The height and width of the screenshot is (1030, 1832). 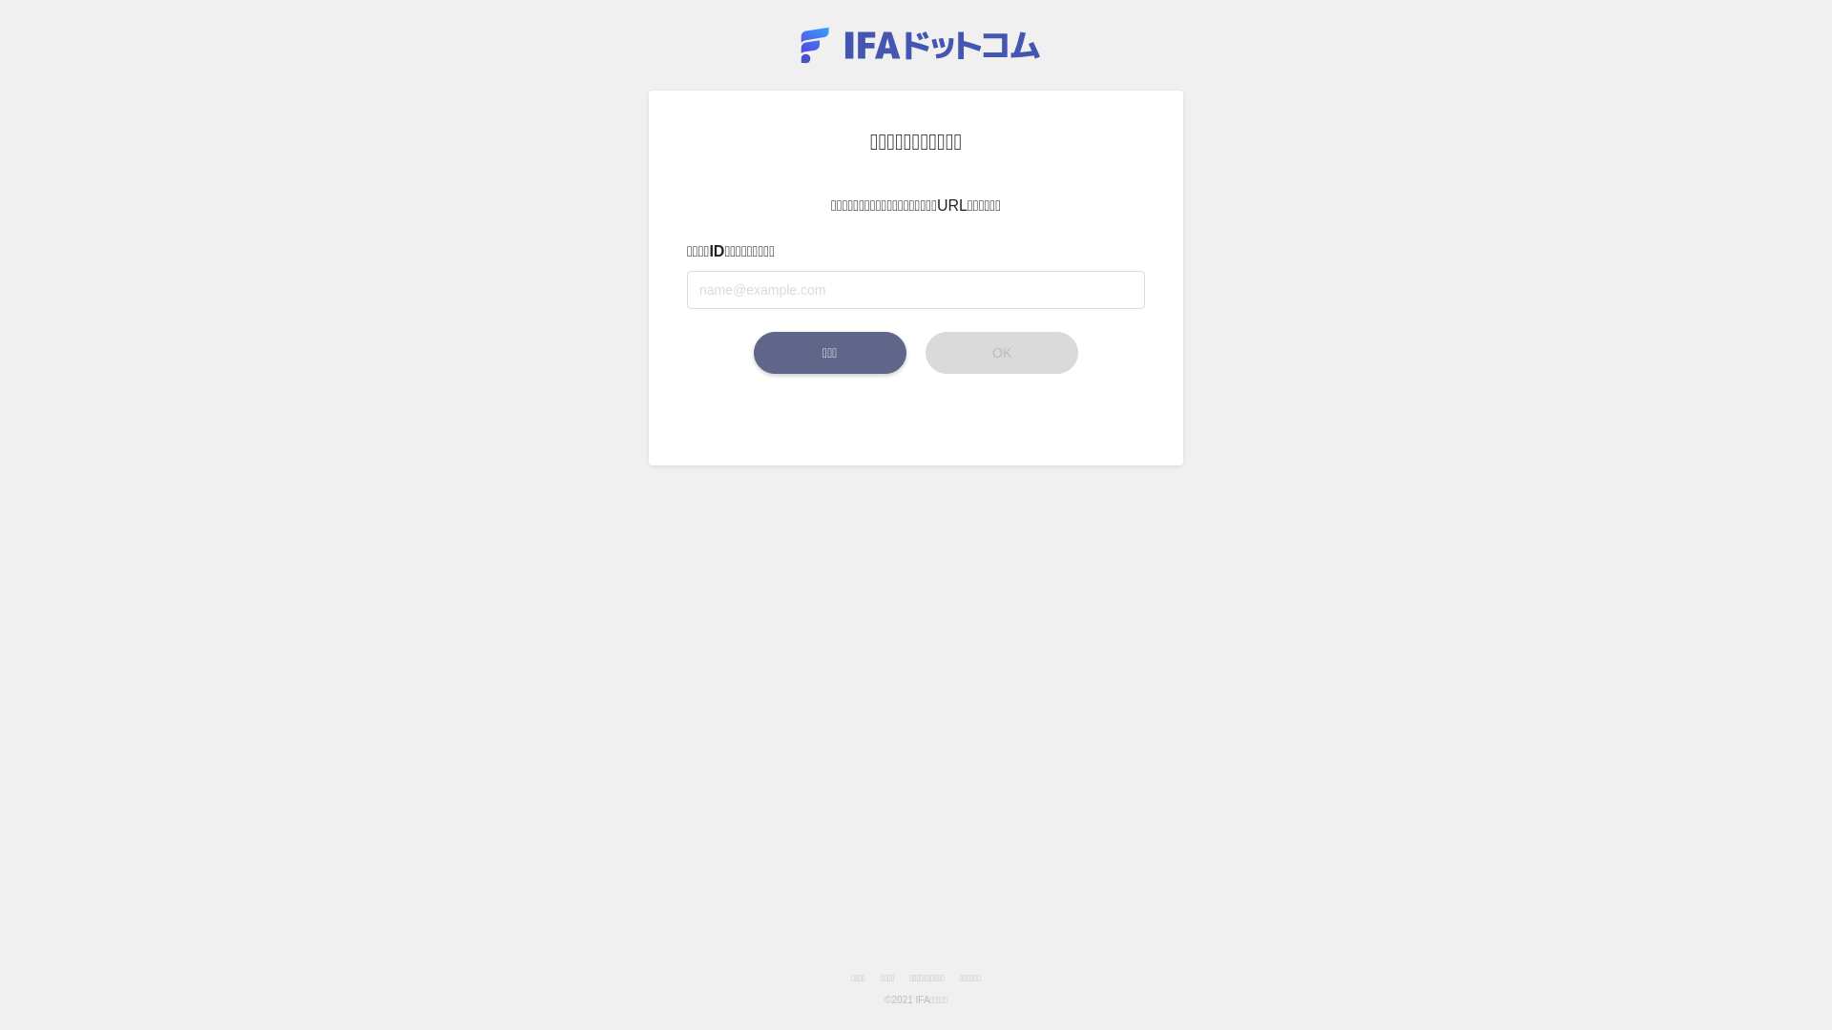 What do you see at coordinates (1001, 353) in the screenshot?
I see `'OK'` at bounding box center [1001, 353].